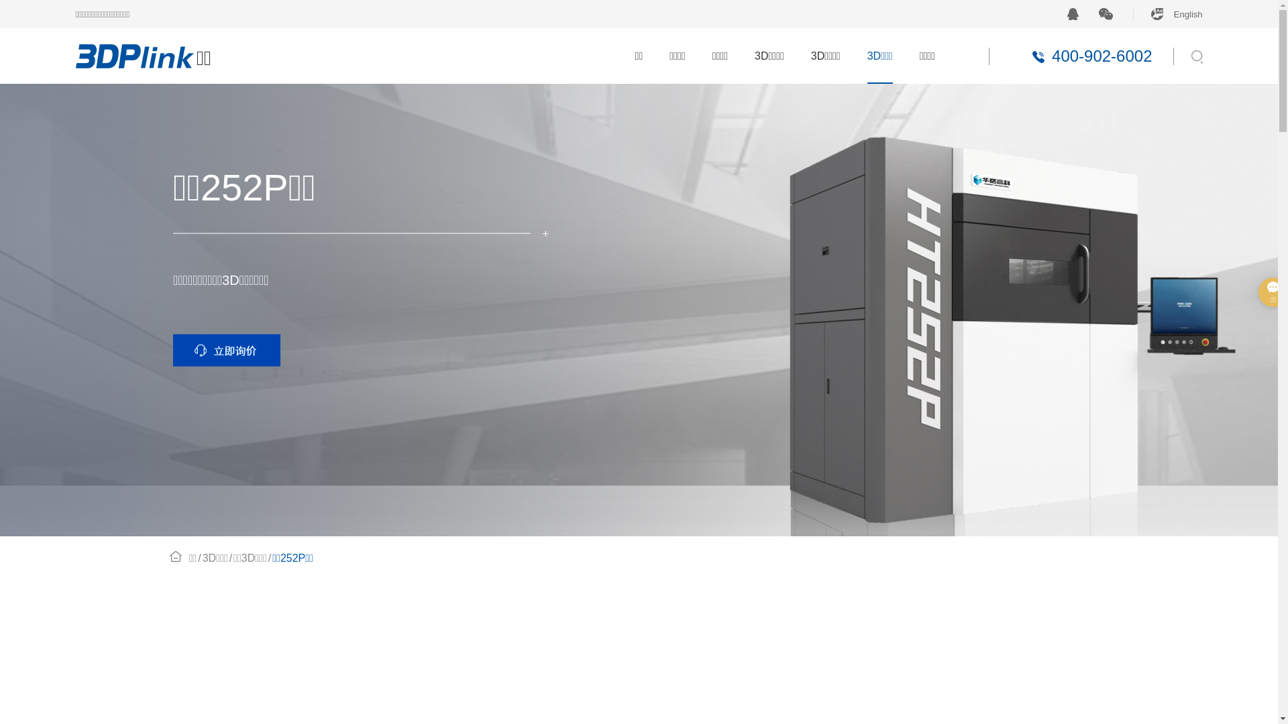  Describe the element at coordinates (1132, 13) in the screenshot. I see `'English'` at that location.